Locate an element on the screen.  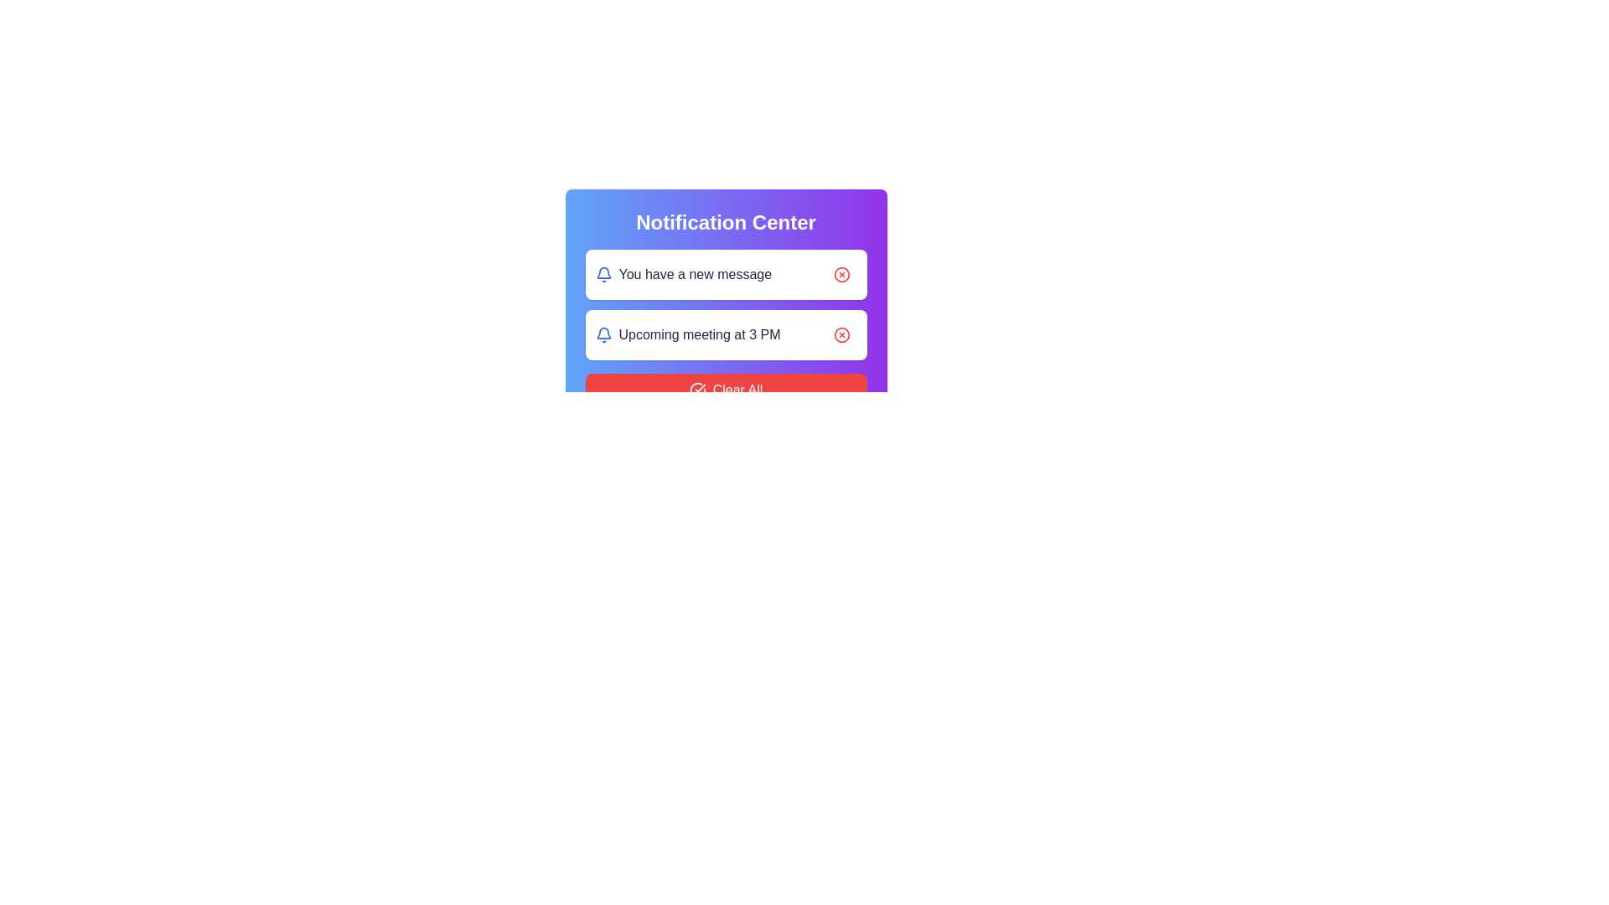
the notification icon located in the upper left corner of the notification tray, which indicates the presence of new notifications is located at coordinates (603, 333).